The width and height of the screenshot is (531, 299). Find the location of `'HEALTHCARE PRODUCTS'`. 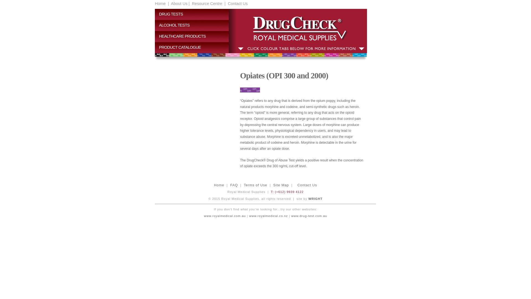

'HEALTHCARE PRODUCTS' is located at coordinates (194, 36).